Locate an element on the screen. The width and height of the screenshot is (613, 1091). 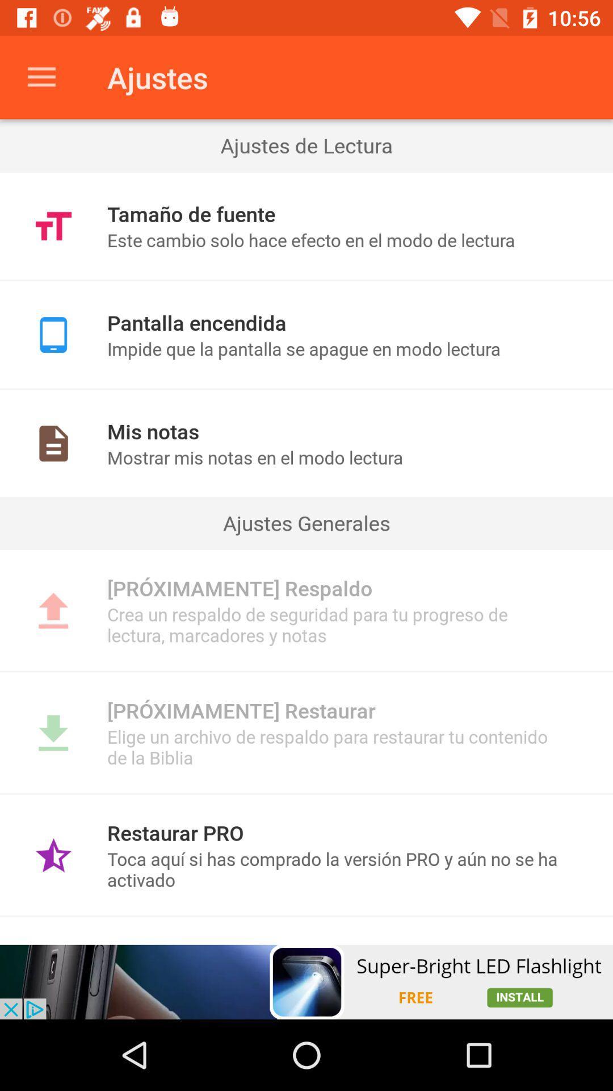
item above pantalla encendida icon is located at coordinates (306, 280).